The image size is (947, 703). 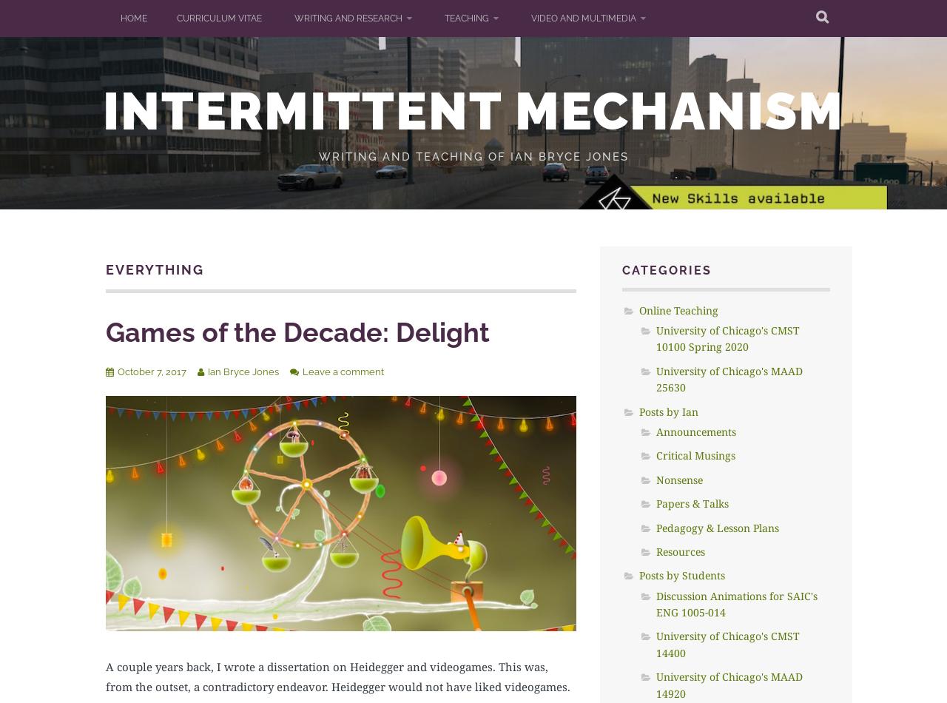 I want to click on 'University of Chicago's CMST 10100 Spring 2020', so click(x=727, y=337).